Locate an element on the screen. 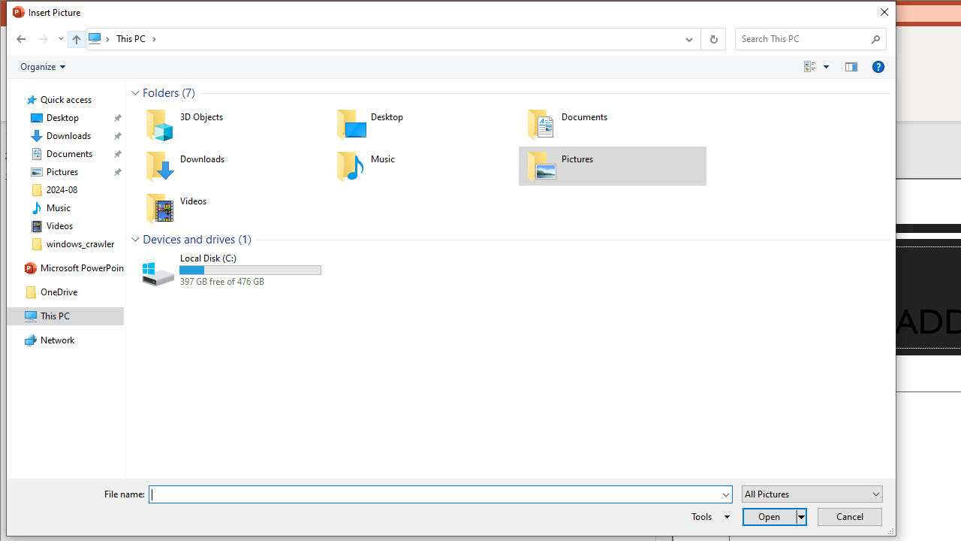  'Address band toolbar' is located at coordinates (700, 38).